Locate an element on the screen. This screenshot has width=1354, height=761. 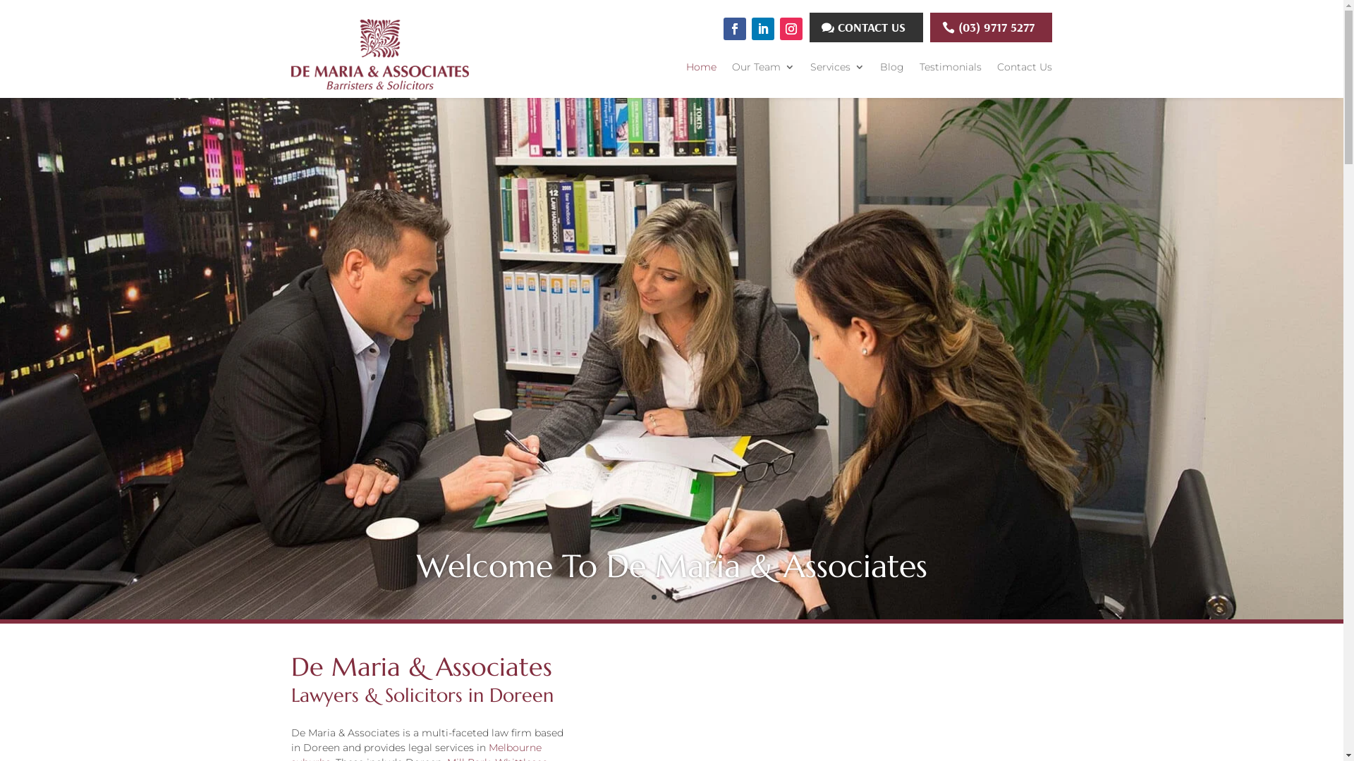
'4' is located at coordinates (689, 597).